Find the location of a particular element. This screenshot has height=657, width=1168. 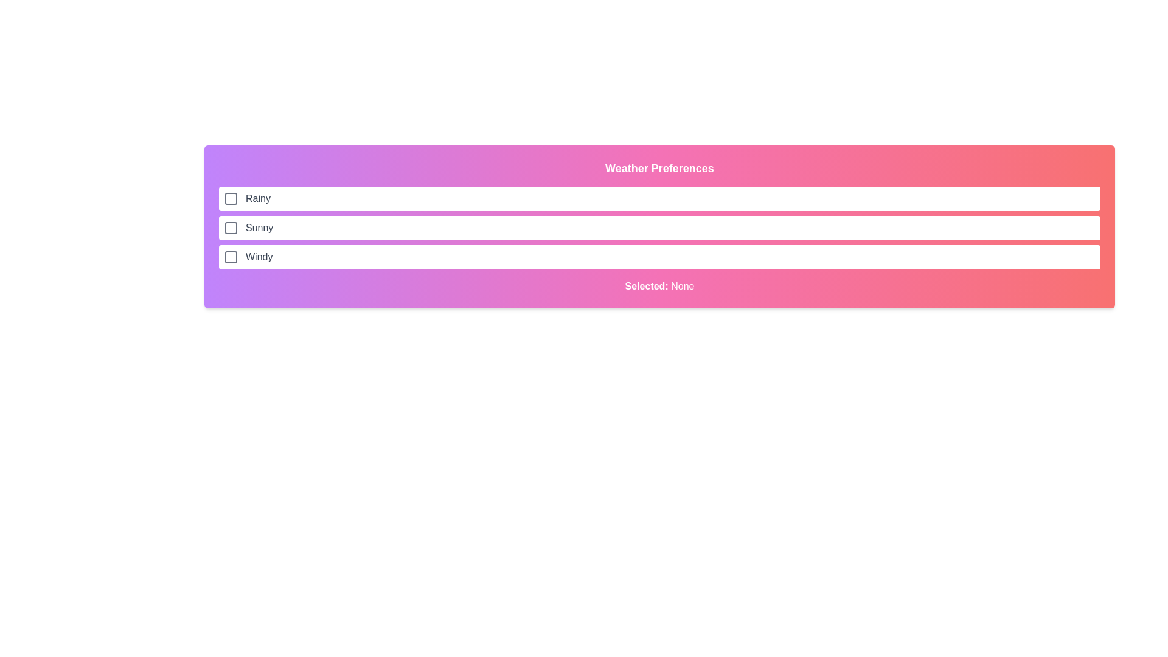

the text label displaying the current selection status, which shows 'None', located to the right of the text 'Selected:' in the gradient-colored section is located at coordinates (683, 286).